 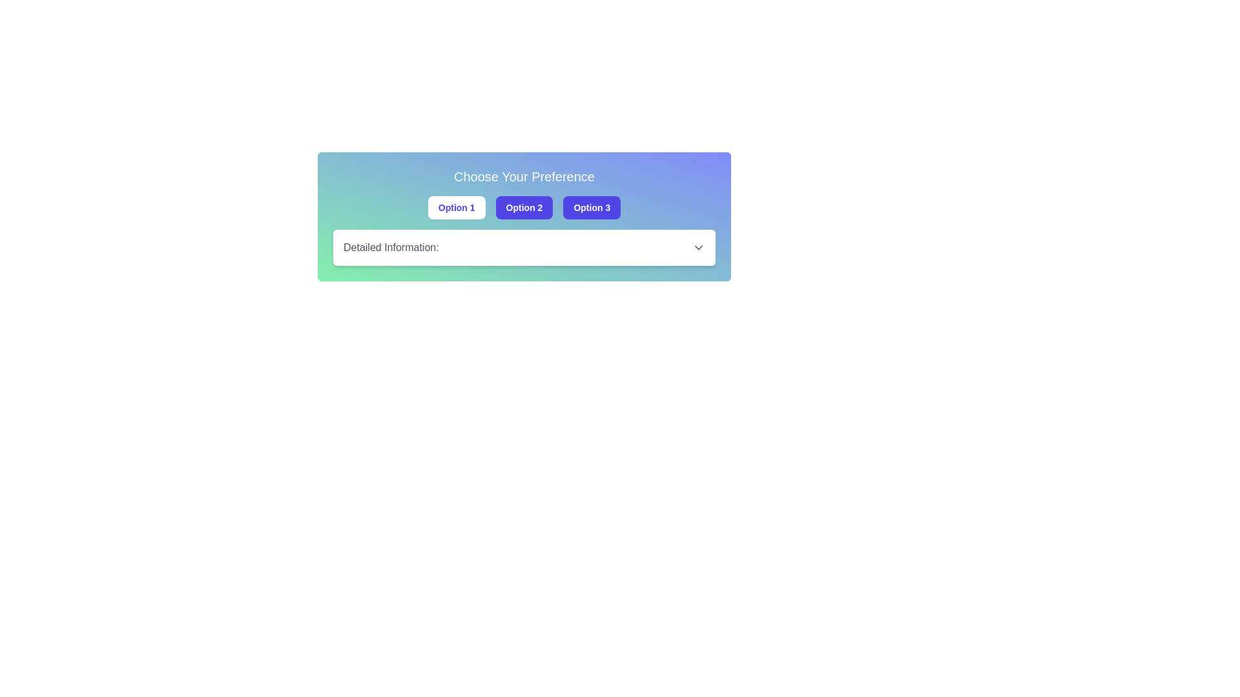 I want to click on the downward-facing chevron icon, which is a simple outline styled in gray, positioned to the right of the text 'Detailed Information:' in the interface, so click(x=697, y=248).